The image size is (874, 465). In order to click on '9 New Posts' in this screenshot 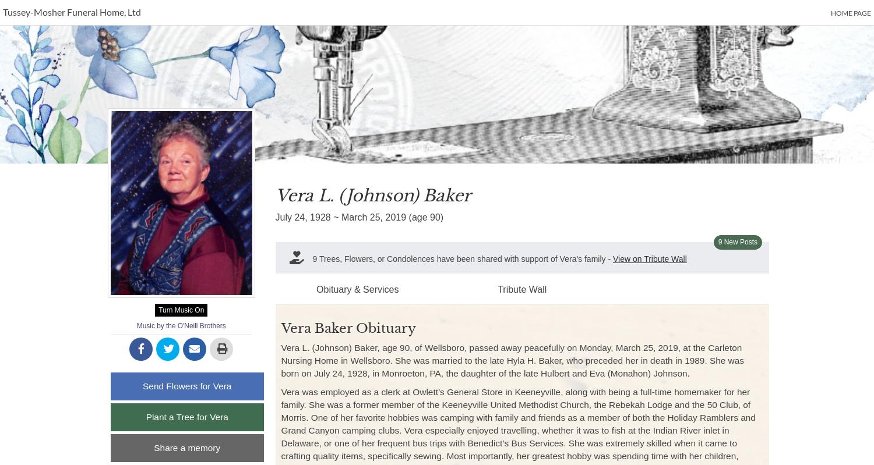, I will do `click(738, 242)`.